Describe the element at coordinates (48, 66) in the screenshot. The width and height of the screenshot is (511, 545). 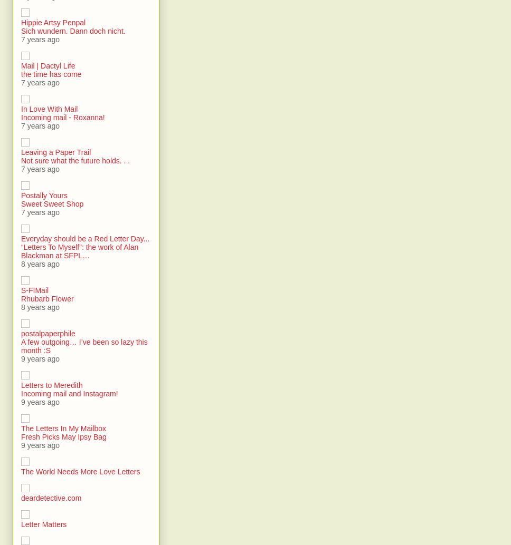
I see `'Mail | Dactyl Life'` at that location.